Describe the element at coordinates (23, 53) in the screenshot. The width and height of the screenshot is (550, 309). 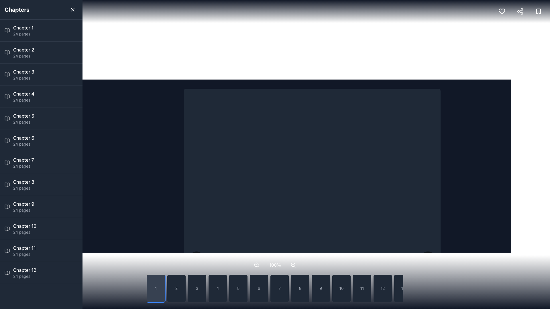
I see `the 'Chapter 2' navigational link located in the left-side panel, which is the second item in the list of chapter entries` at that location.